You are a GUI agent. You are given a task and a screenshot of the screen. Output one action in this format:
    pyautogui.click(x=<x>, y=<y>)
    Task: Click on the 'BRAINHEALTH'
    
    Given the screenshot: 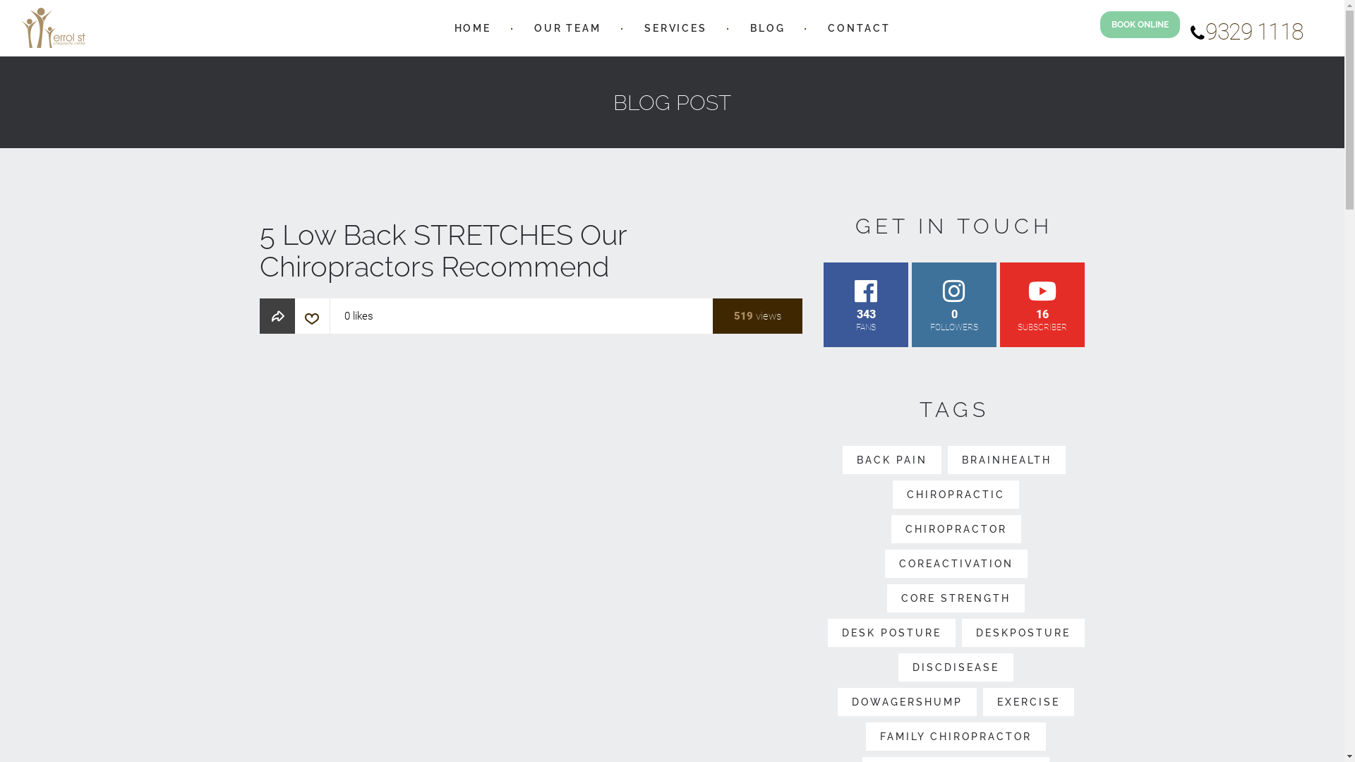 What is the action you would take?
    pyautogui.click(x=1006, y=459)
    